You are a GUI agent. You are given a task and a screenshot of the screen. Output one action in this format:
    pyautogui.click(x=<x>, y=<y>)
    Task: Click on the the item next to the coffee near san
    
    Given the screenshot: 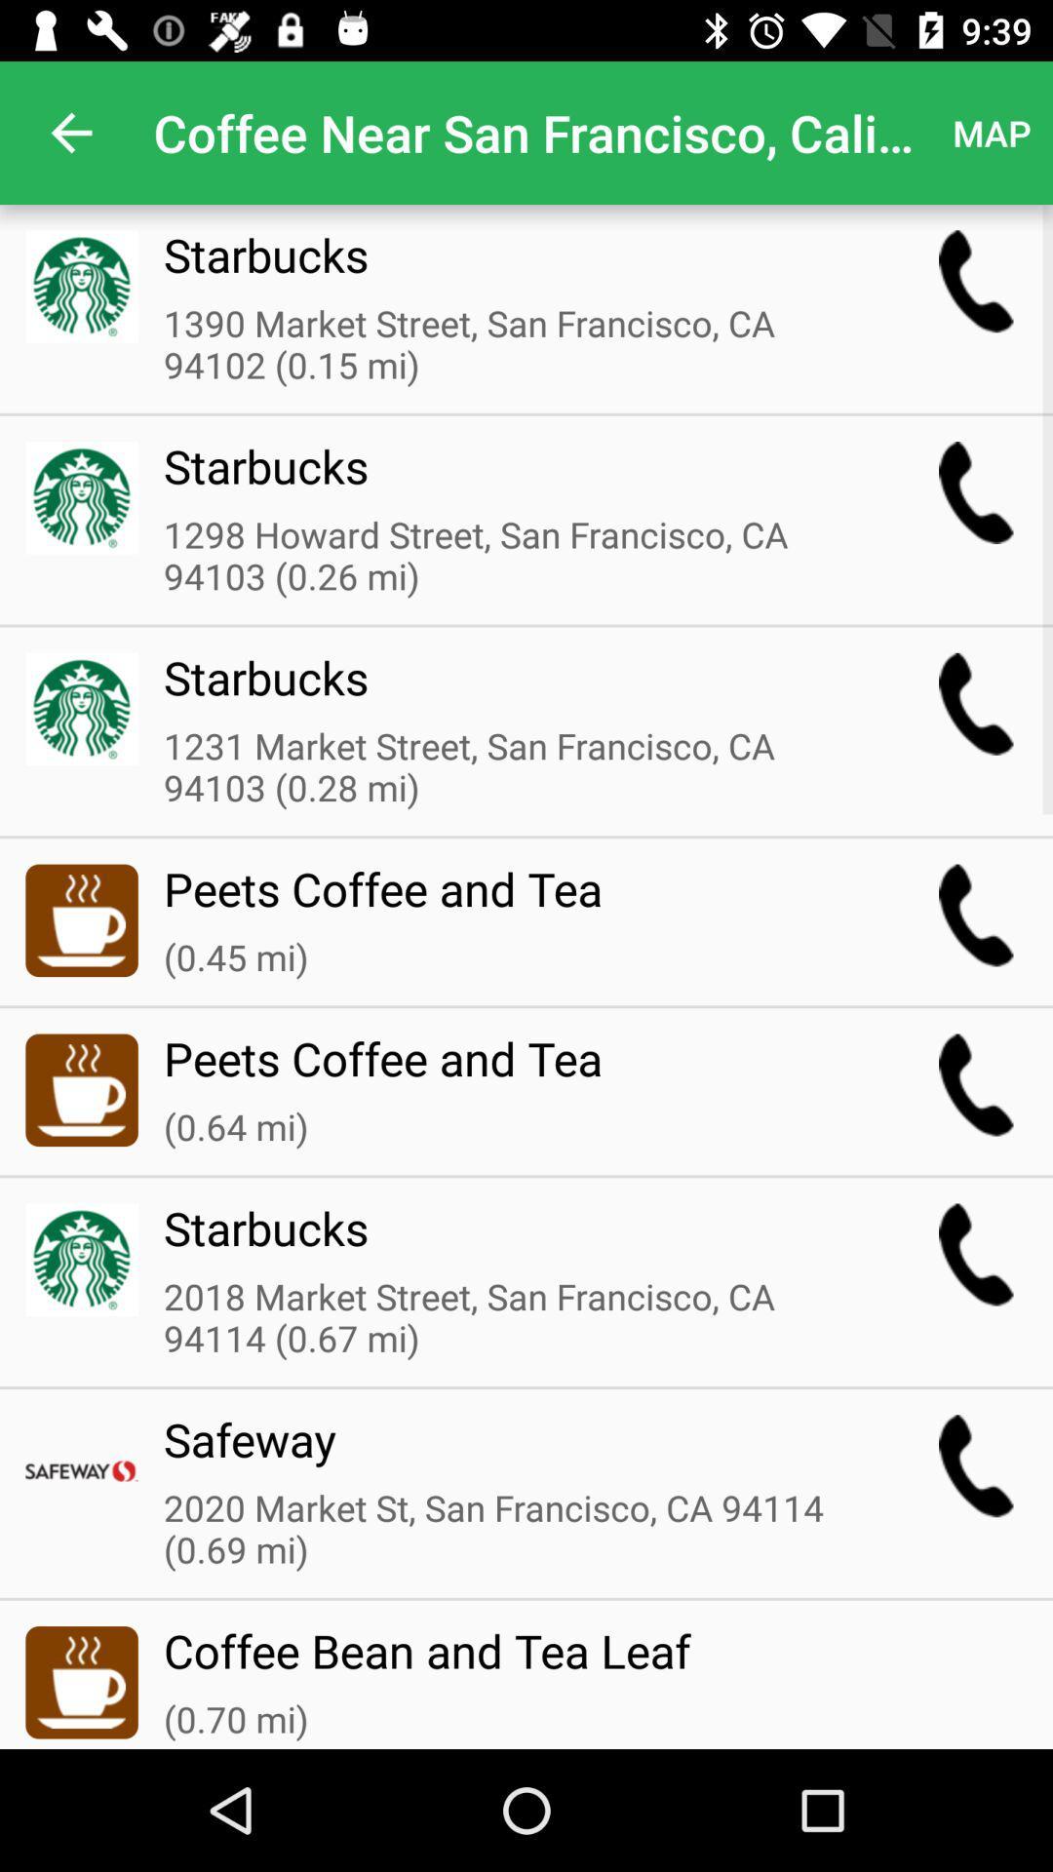 What is the action you would take?
    pyautogui.click(x=992, y=132)
    